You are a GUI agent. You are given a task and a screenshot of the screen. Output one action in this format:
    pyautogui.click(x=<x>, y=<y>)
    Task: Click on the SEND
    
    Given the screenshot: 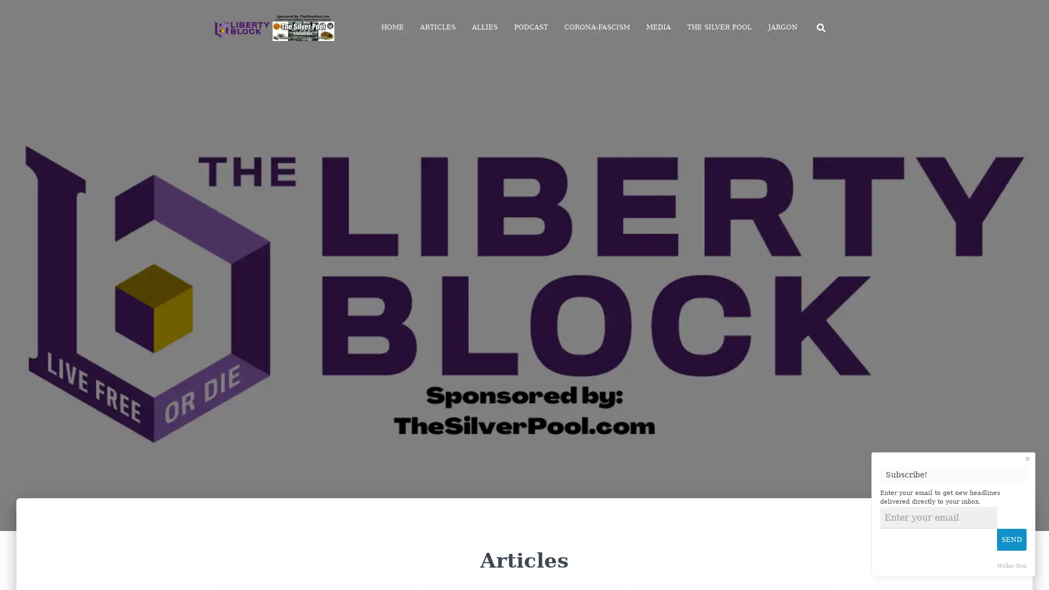 What is the action you would take?
    pyautogui.click(x=1011, y=539)
    